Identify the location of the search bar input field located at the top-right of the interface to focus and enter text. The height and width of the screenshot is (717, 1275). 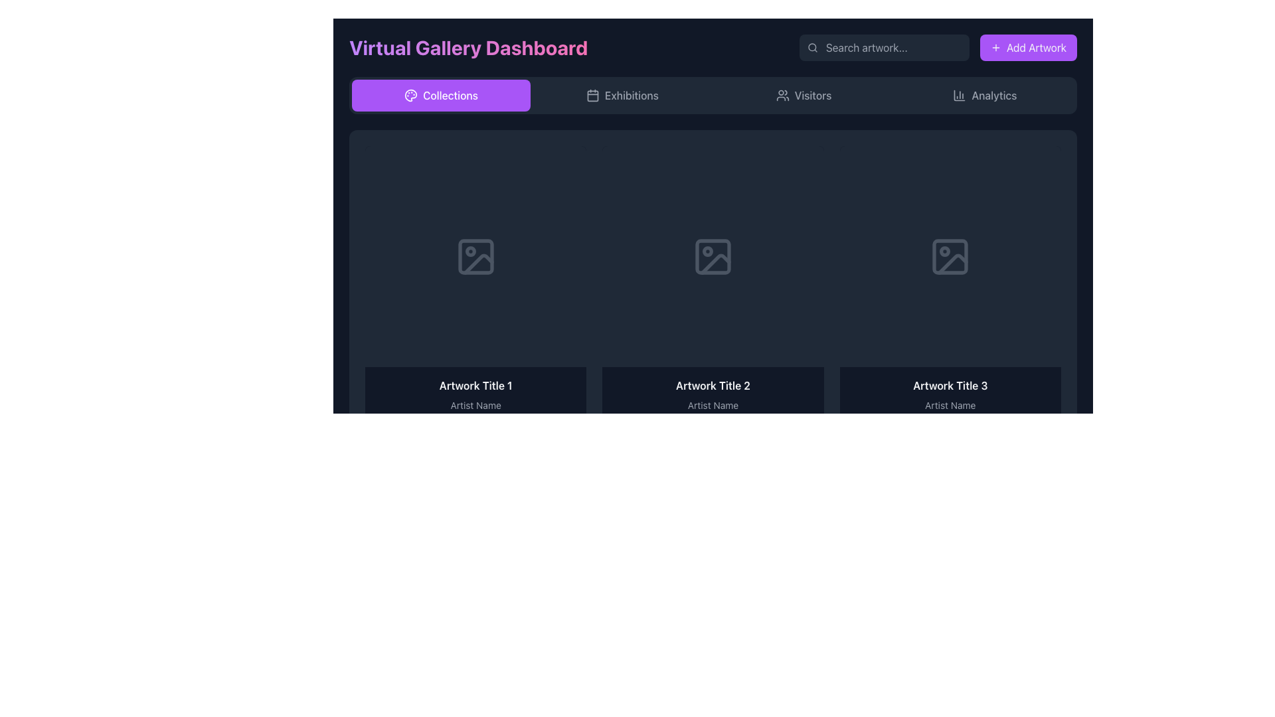
(884, 47).